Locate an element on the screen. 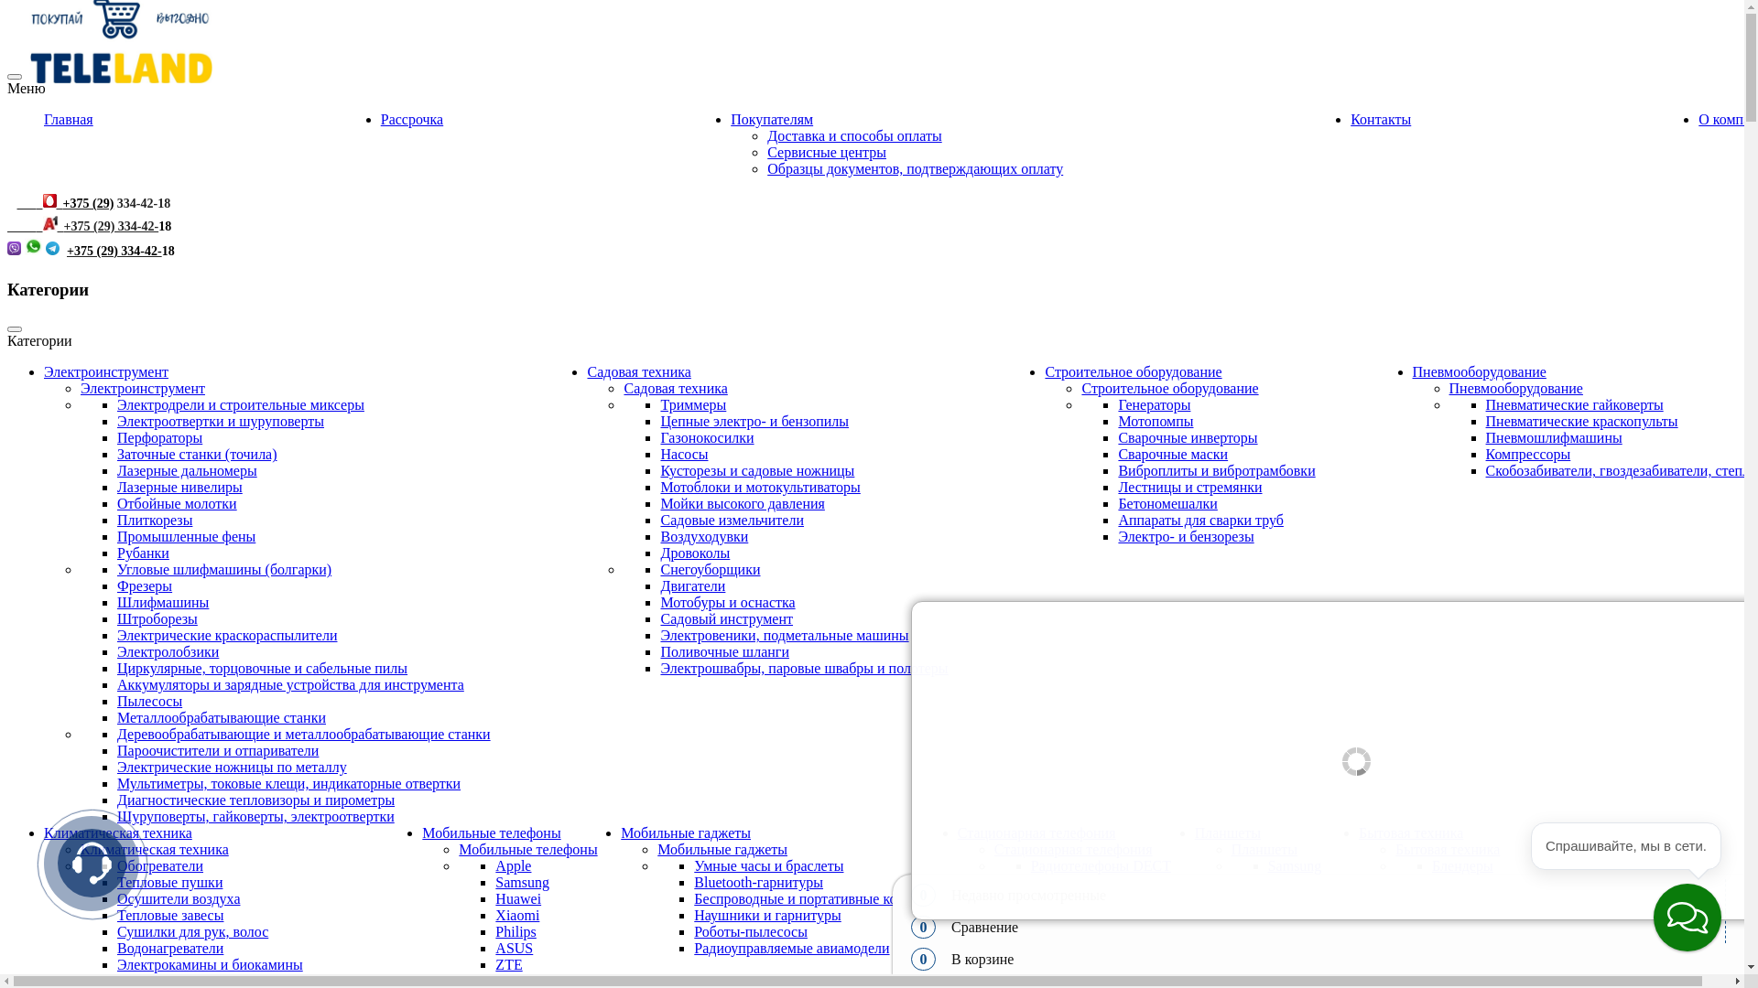 The image size is (1758, 988). '+375 (29) 334-42-' is located at coordinates (66, 251).